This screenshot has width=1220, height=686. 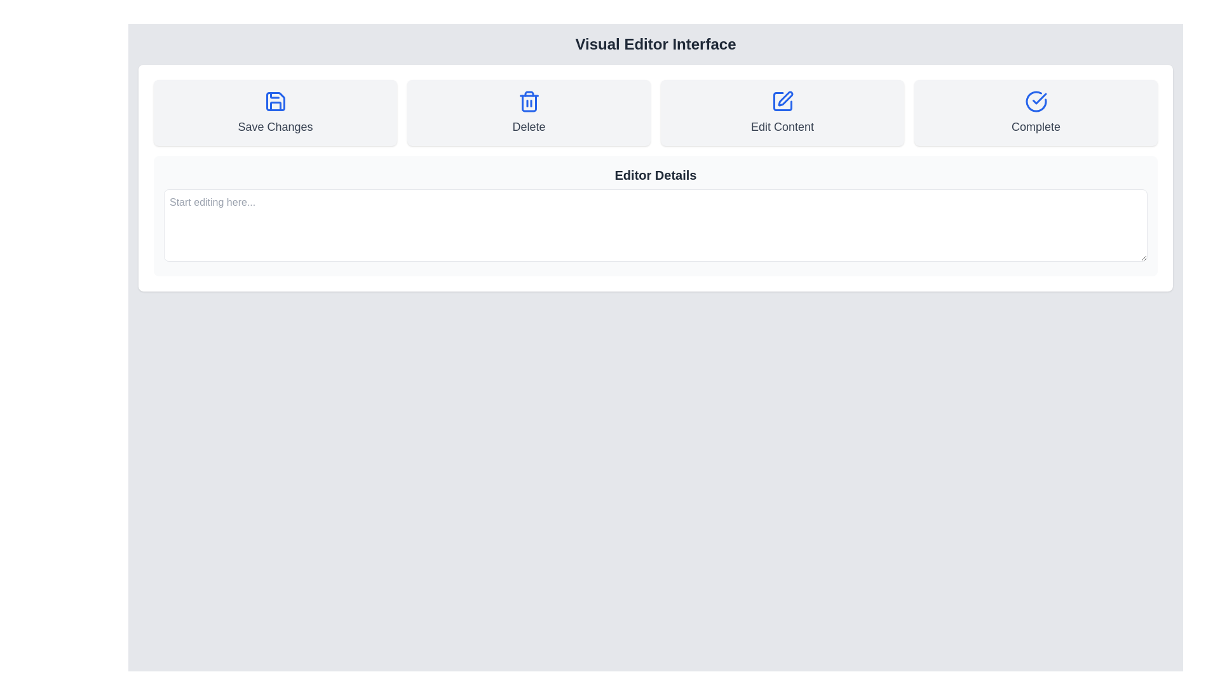 What do you see at coordinates (274, 112) in the screenshot?
I see `the 'Save Changes' button, which is the first button in a four-button grid` at bounding box center [274, 112].